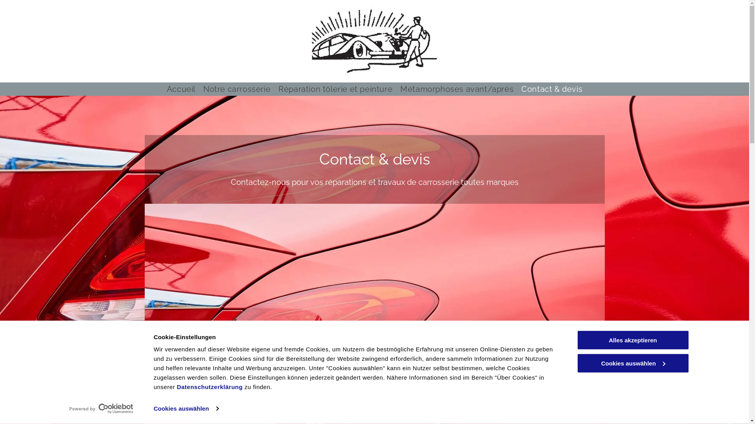 Image resolution: width=755 pixels, height=424 pixels. Describe the element at coordinates (162, 89) in the screenshot. I see `'Accueil'` at that location.